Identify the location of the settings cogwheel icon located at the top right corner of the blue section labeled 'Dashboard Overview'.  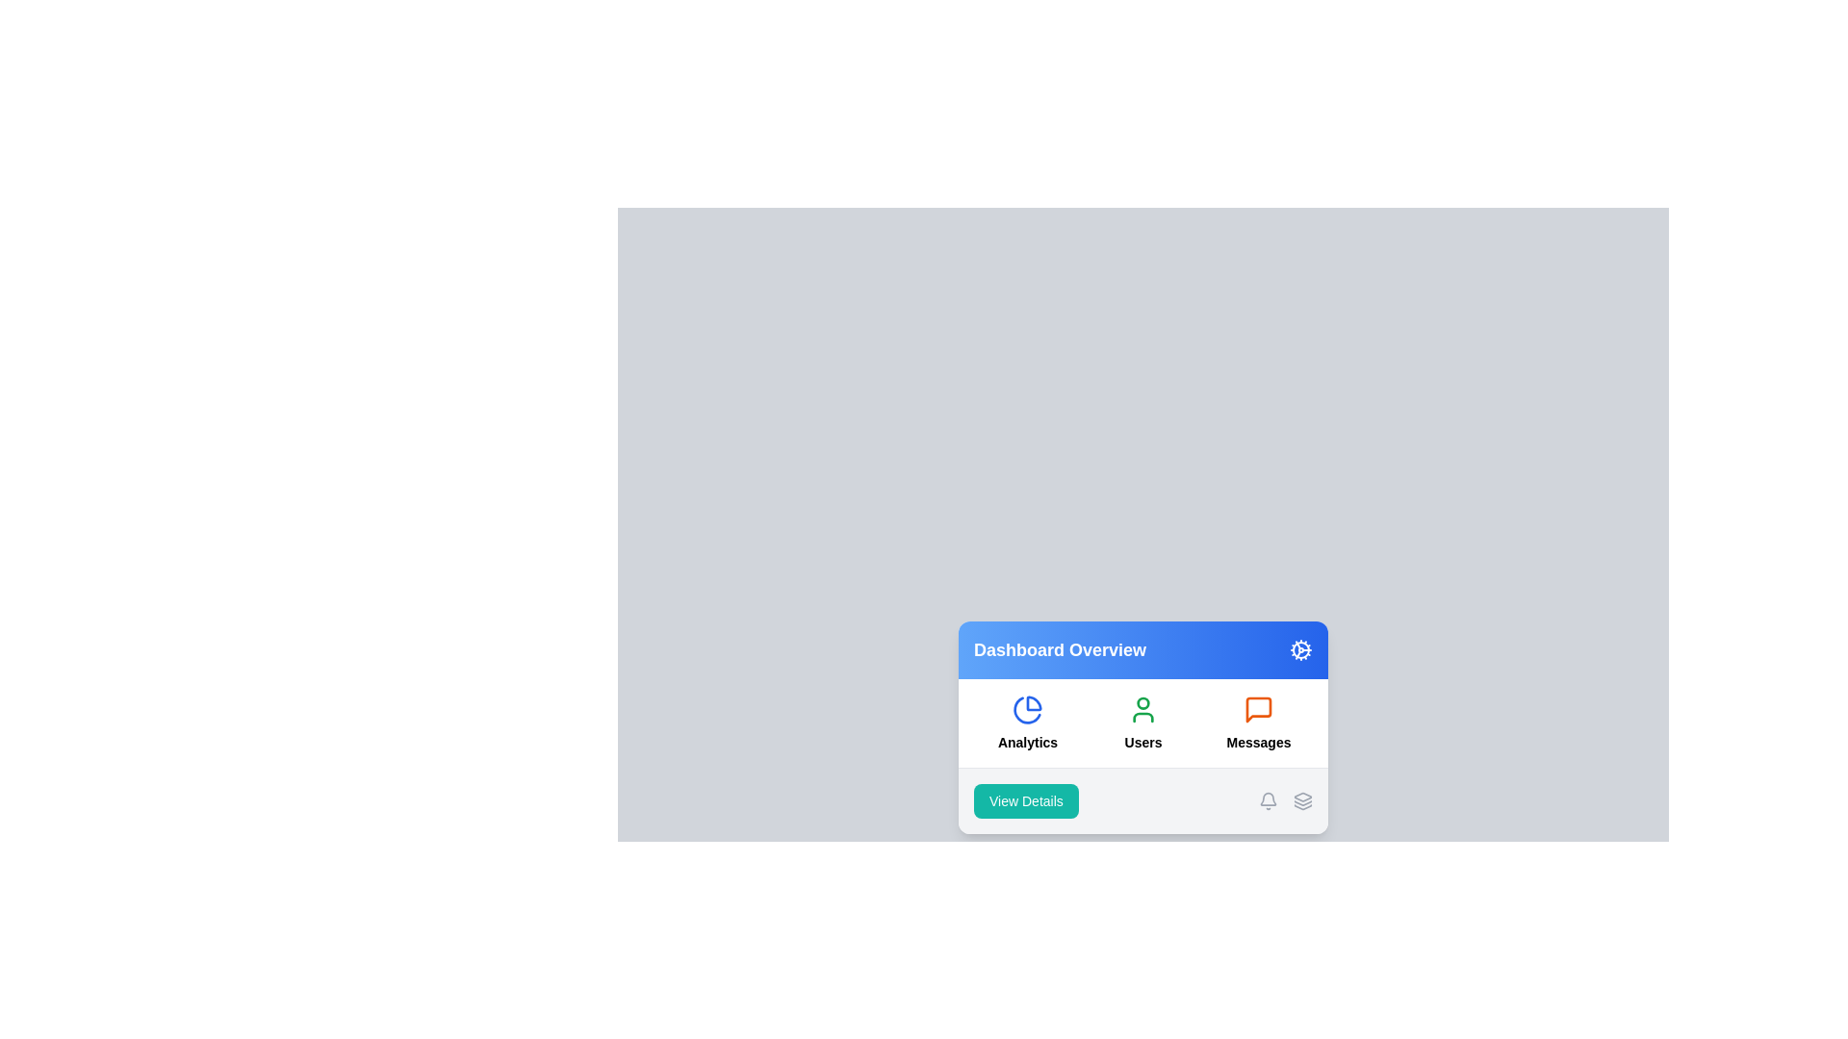
(1301, 649).